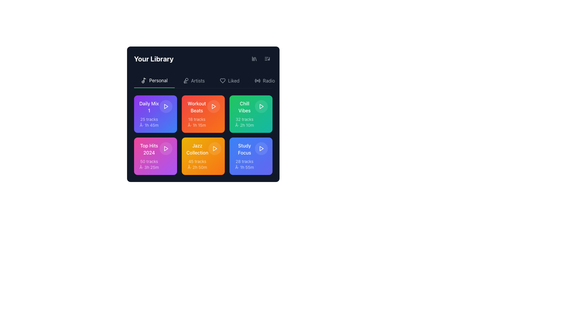 The height and width of the screenshot is (316, 562). I want to click on the second circular button from the right in the header of the interface, which is likely used, so click(267, 59).